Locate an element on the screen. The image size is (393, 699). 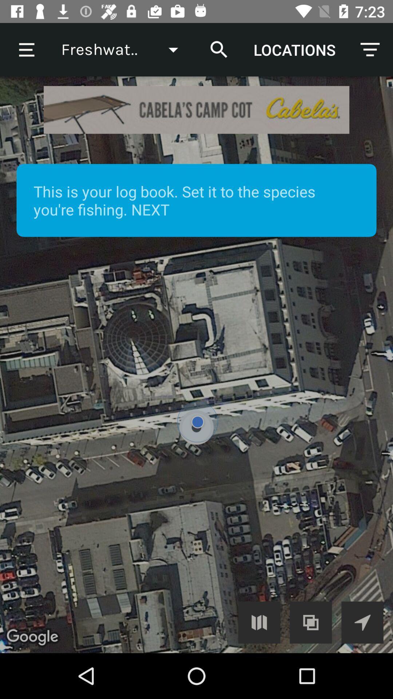
the copy icon is located at coordinates (311, 622).